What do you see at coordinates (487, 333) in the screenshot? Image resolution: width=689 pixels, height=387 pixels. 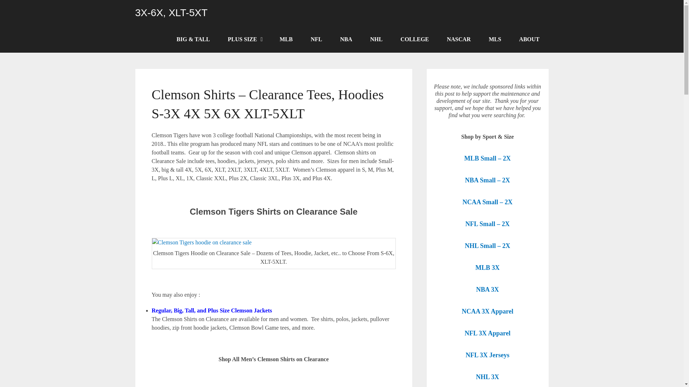 I see `'NFL 3X Apparel'` at bounding box center [487, 333].